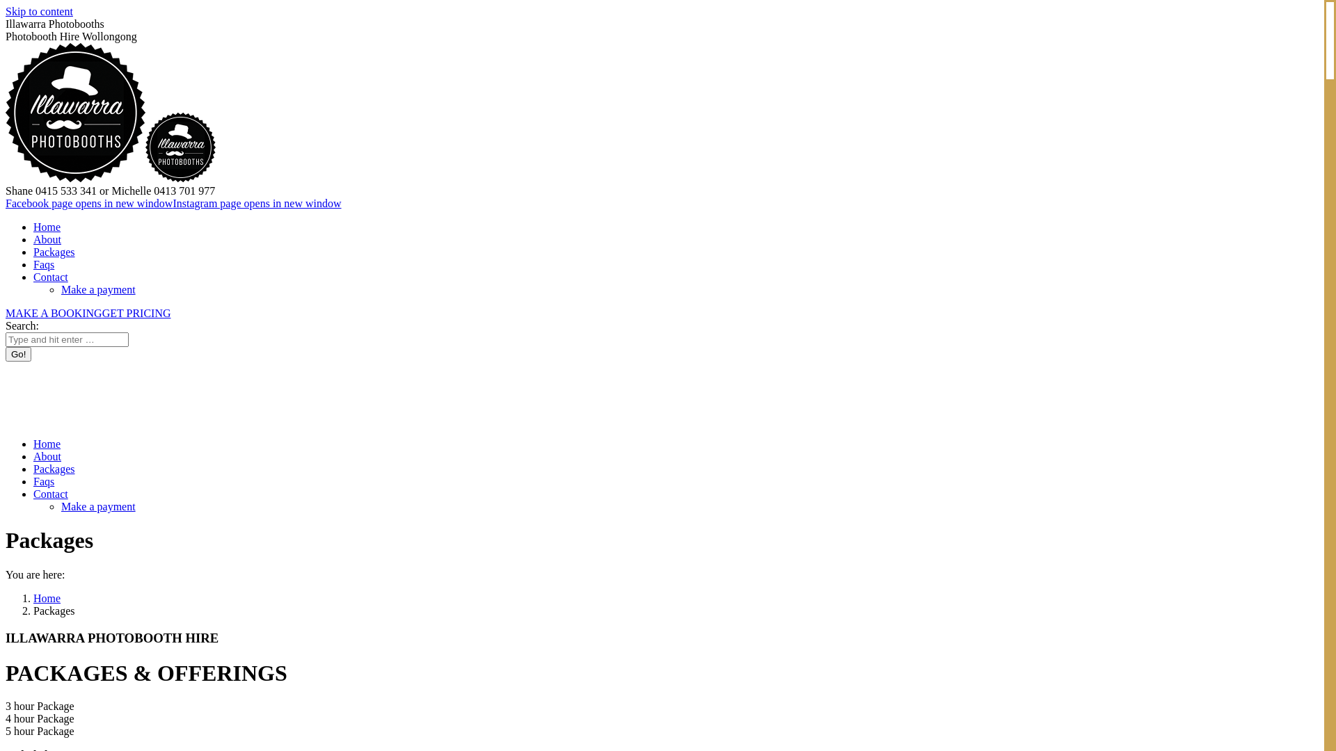  What do you see at coordinates (54, 313) in the screenshot?
I see `'MAKE A BOOKING'` at bounding box center [54, 313].